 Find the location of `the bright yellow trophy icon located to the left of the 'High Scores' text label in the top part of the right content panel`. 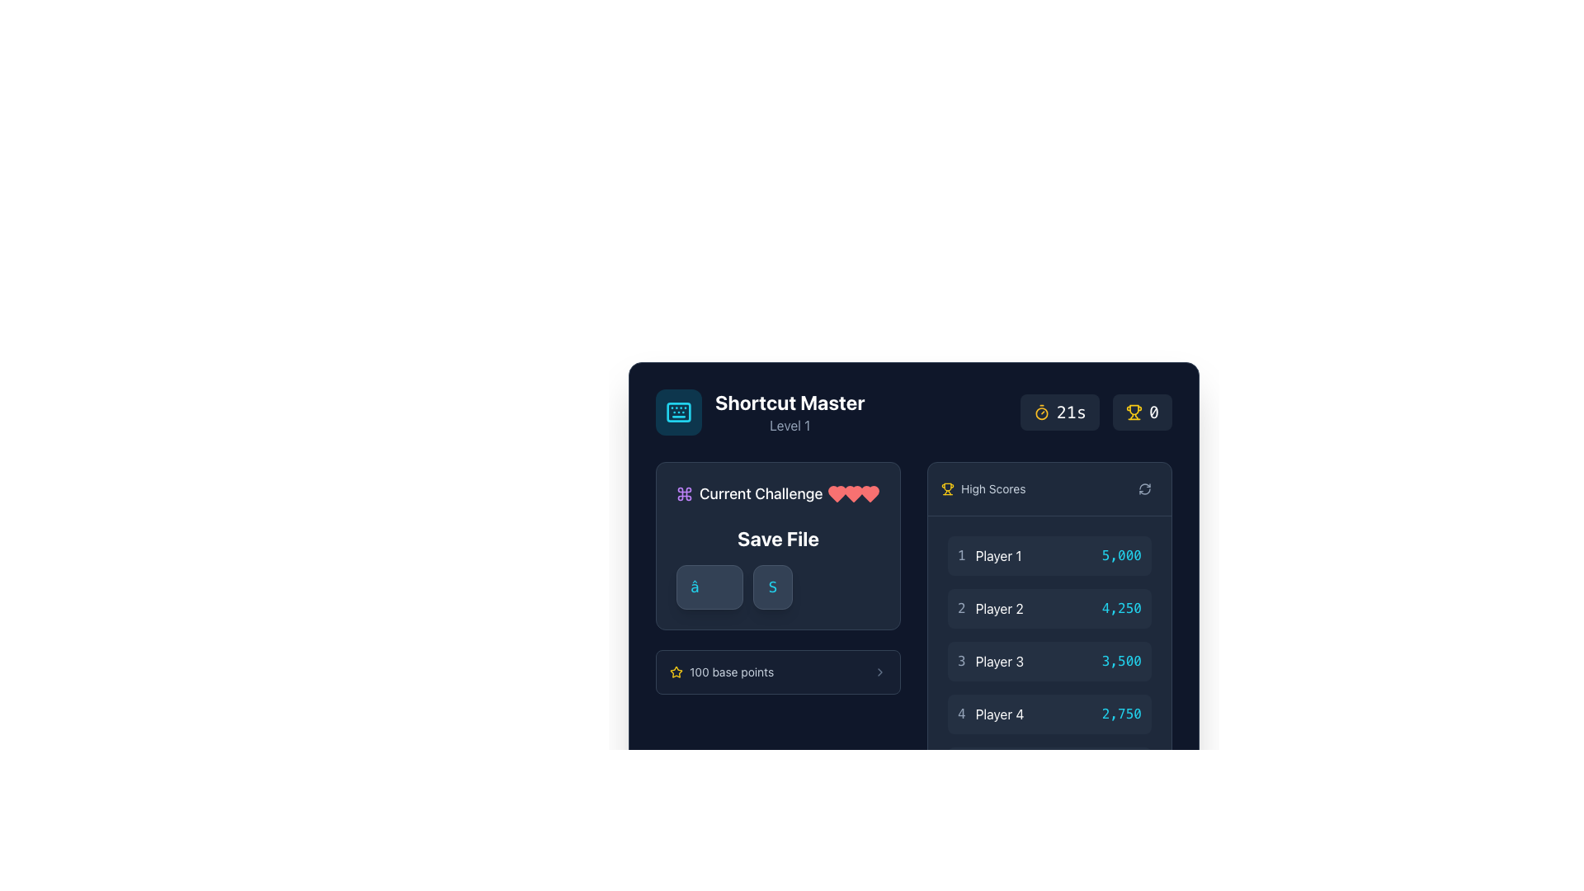

the bright yellow trophy icon located to the left of the 'High Scores' text label in the top part of the right content panel is located at coordinates (947, 488).